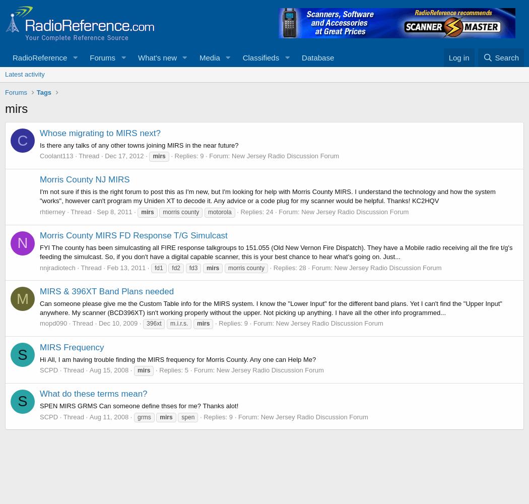 The width and height of the screenshot is (529, 504). What do you see at coordinates (289, 267) in the screenshot?
I see `'Replies: 28'` at bounding box center [289, 267].